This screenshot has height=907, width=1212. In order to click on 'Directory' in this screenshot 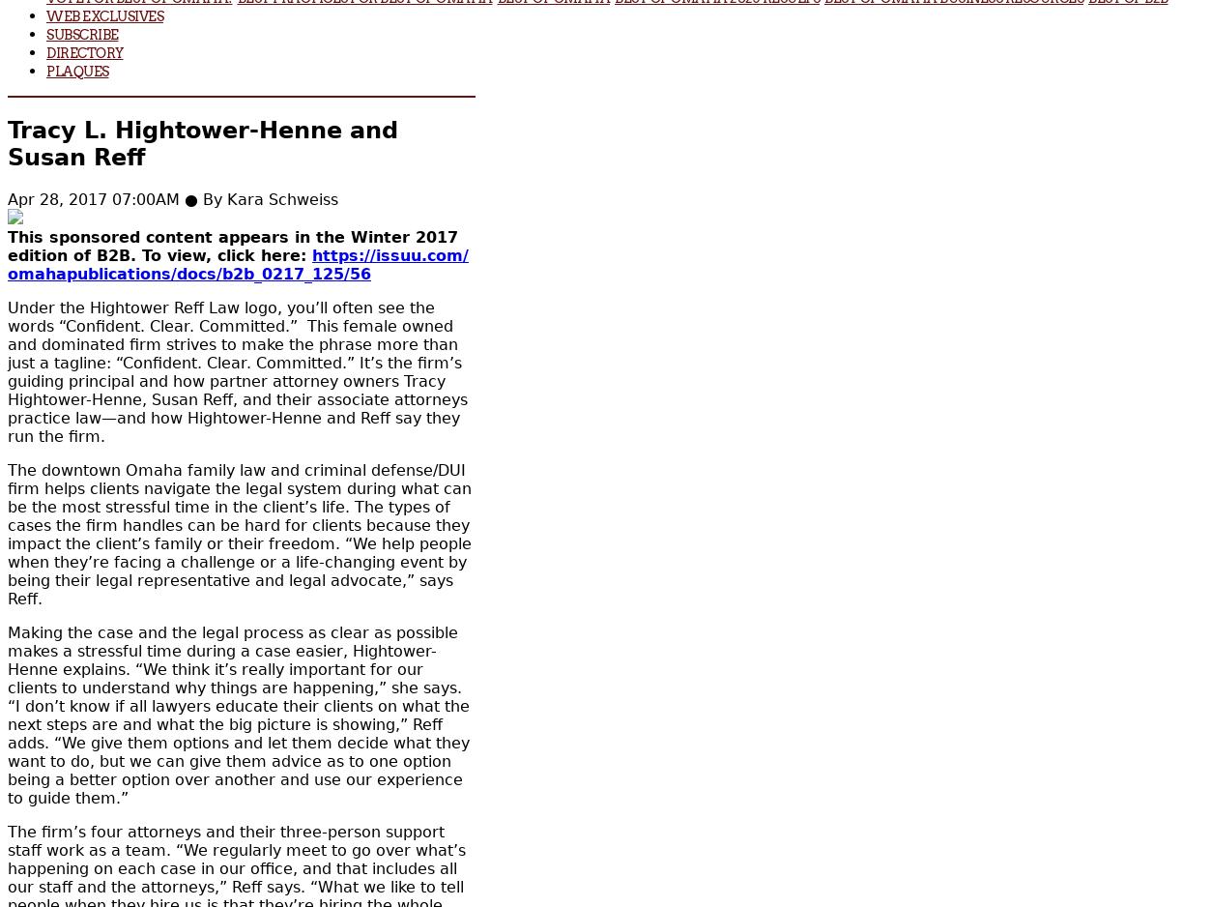, I will do `click(84, 51)`.